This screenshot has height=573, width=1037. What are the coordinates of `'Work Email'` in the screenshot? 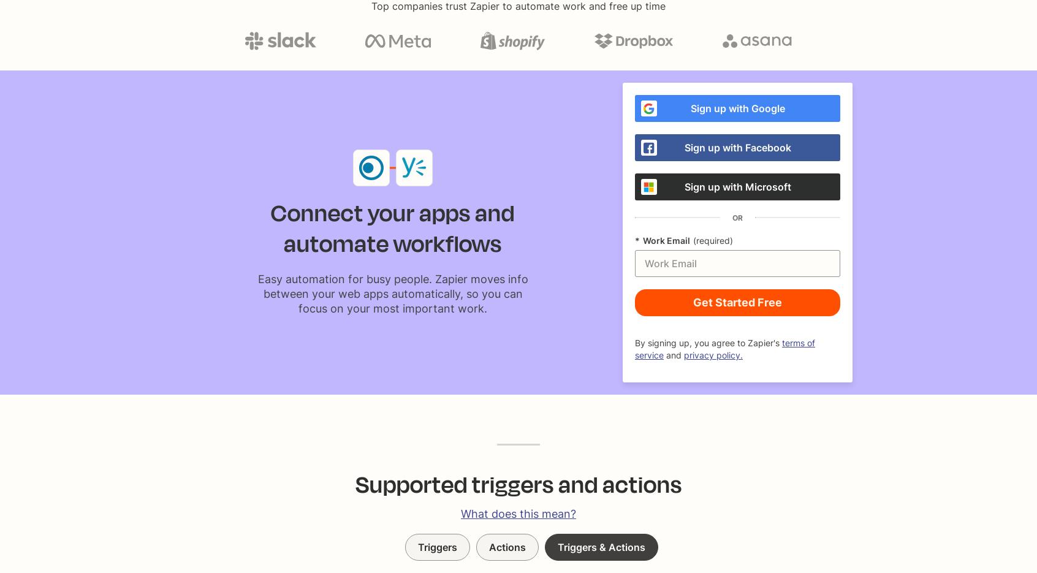 It's located at (666, 240).